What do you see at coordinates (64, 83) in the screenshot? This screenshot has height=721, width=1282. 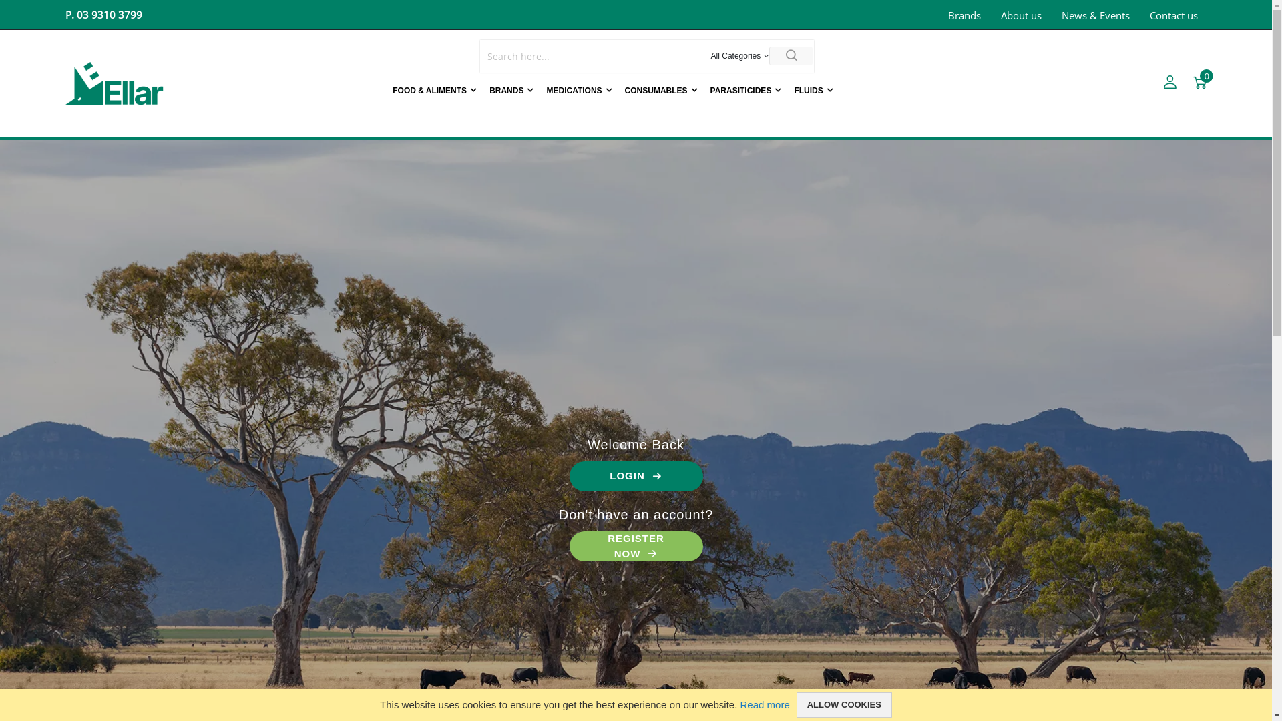 I see `'Ellar Laboratories'` at bounding box center [64, 83].